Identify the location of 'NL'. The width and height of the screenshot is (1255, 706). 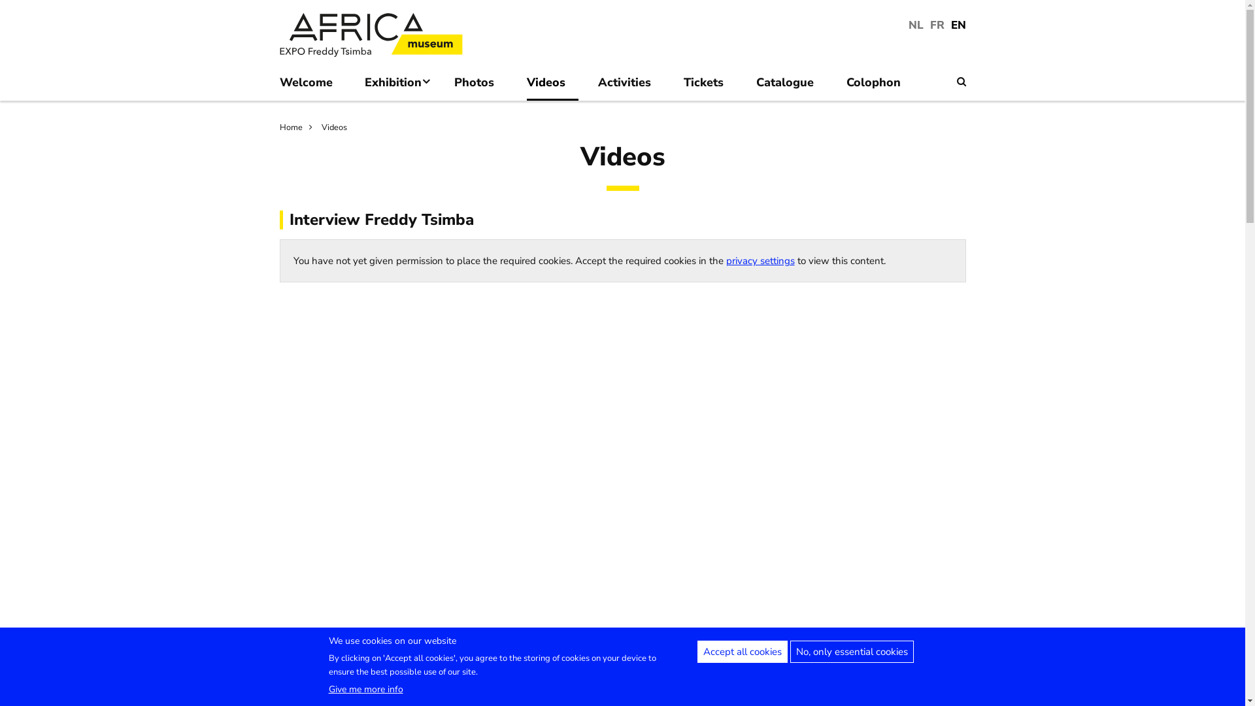
(915, 25).